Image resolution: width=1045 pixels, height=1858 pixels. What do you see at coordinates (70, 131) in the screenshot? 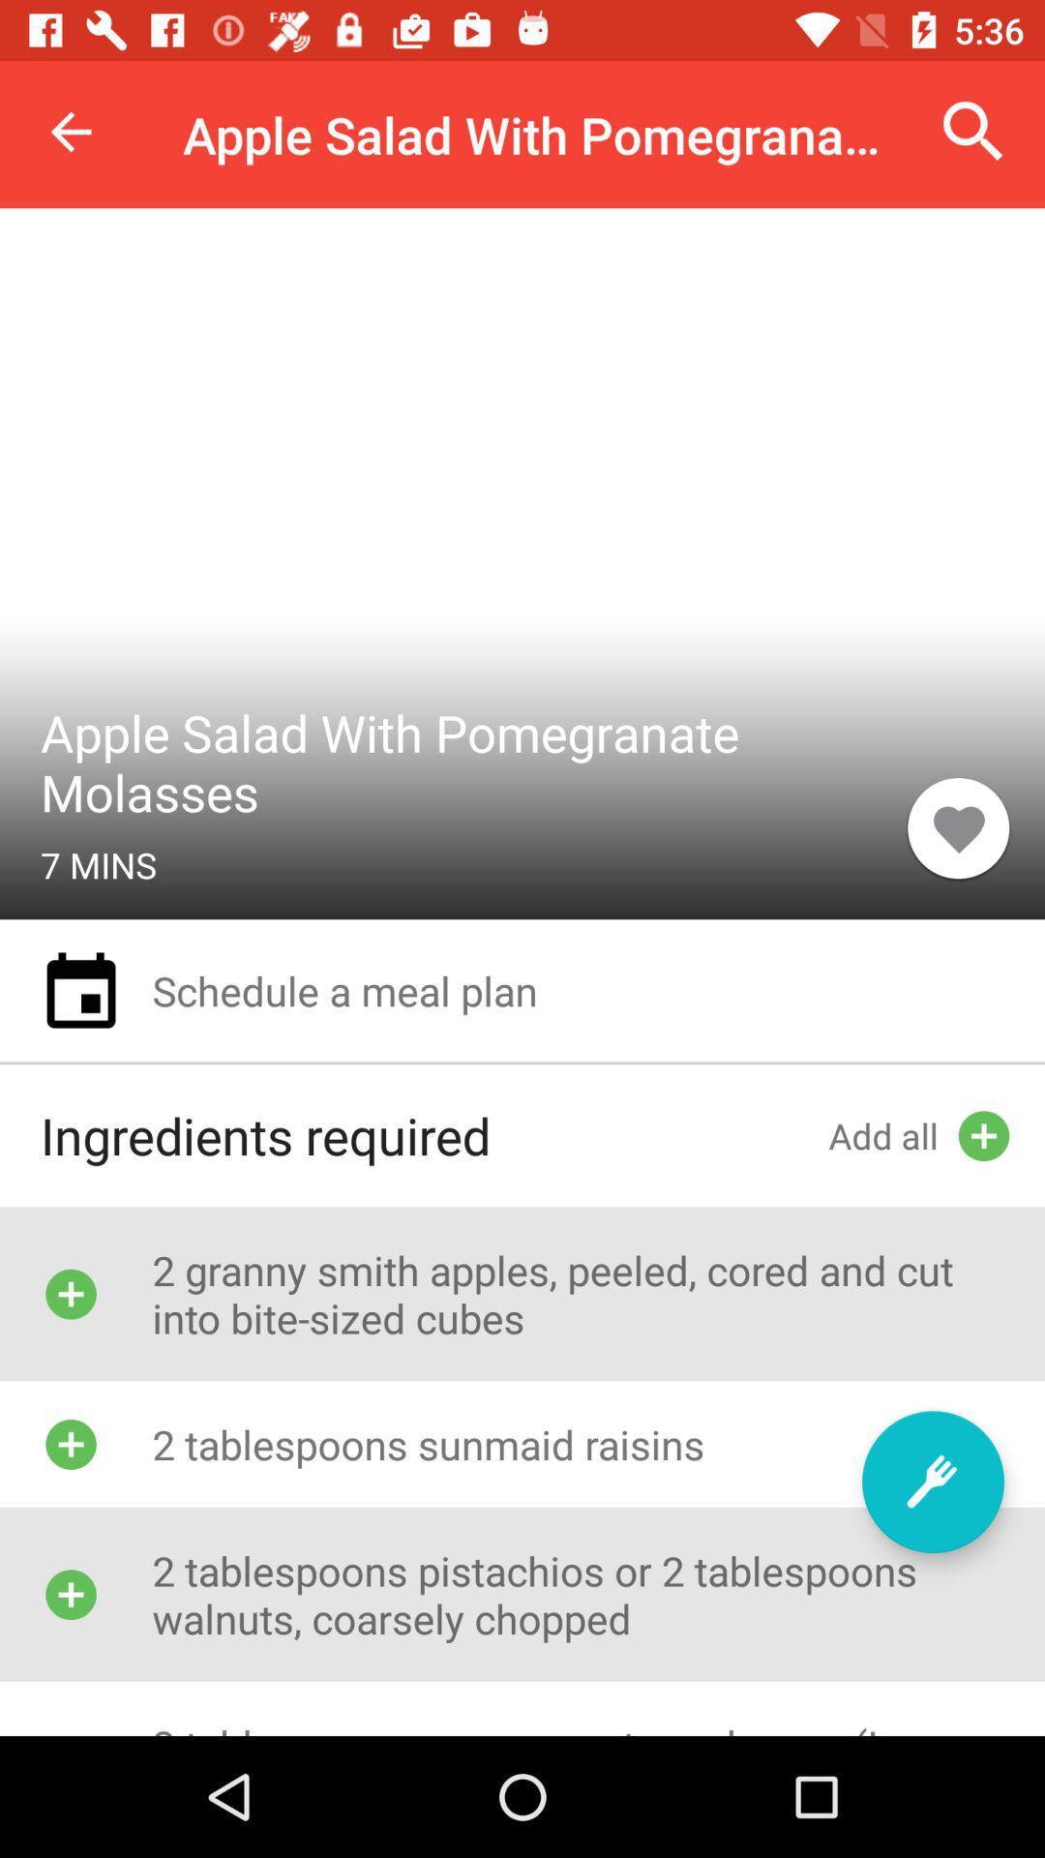
I see `the item to the left of apple salad with icon` at bounding box center [70, 131].